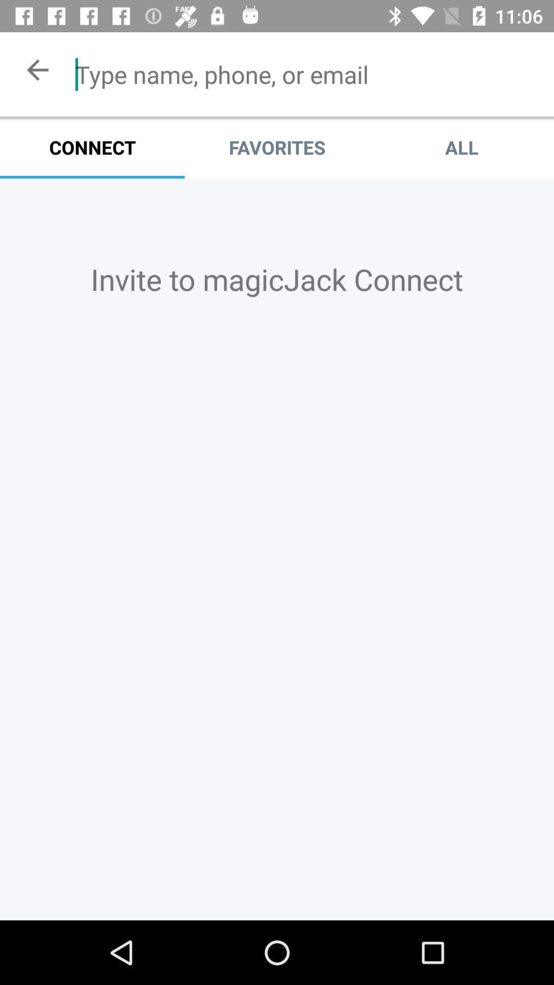 This screenshot has width=554, height=985. I want to click on type name phone or email, so click(306, 74).